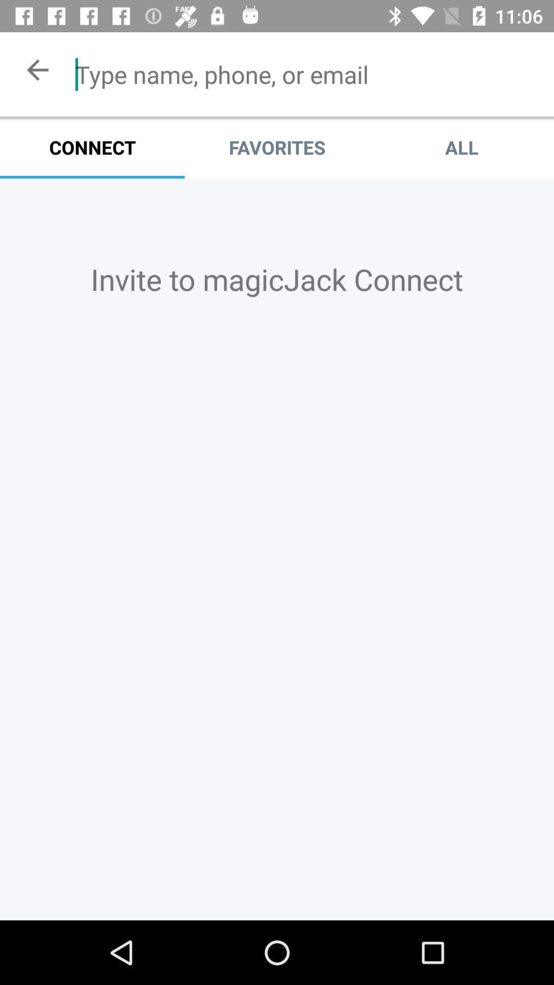 This screenshot has width=554, height=985. I want to click on type name phone or email, so click(306, 74).